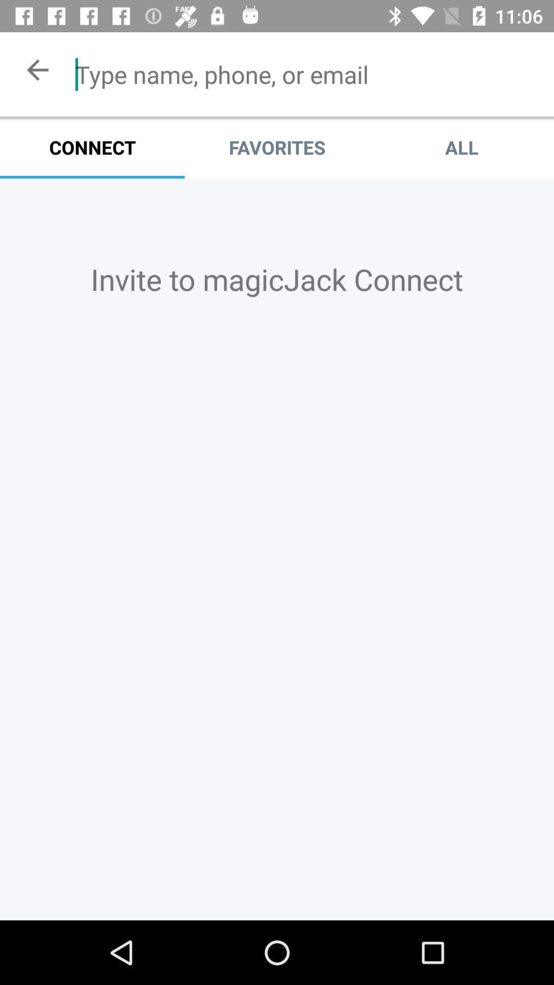 This screenshot has width=554, height=985. I want to click on type name phone or email, so click(306, 74).